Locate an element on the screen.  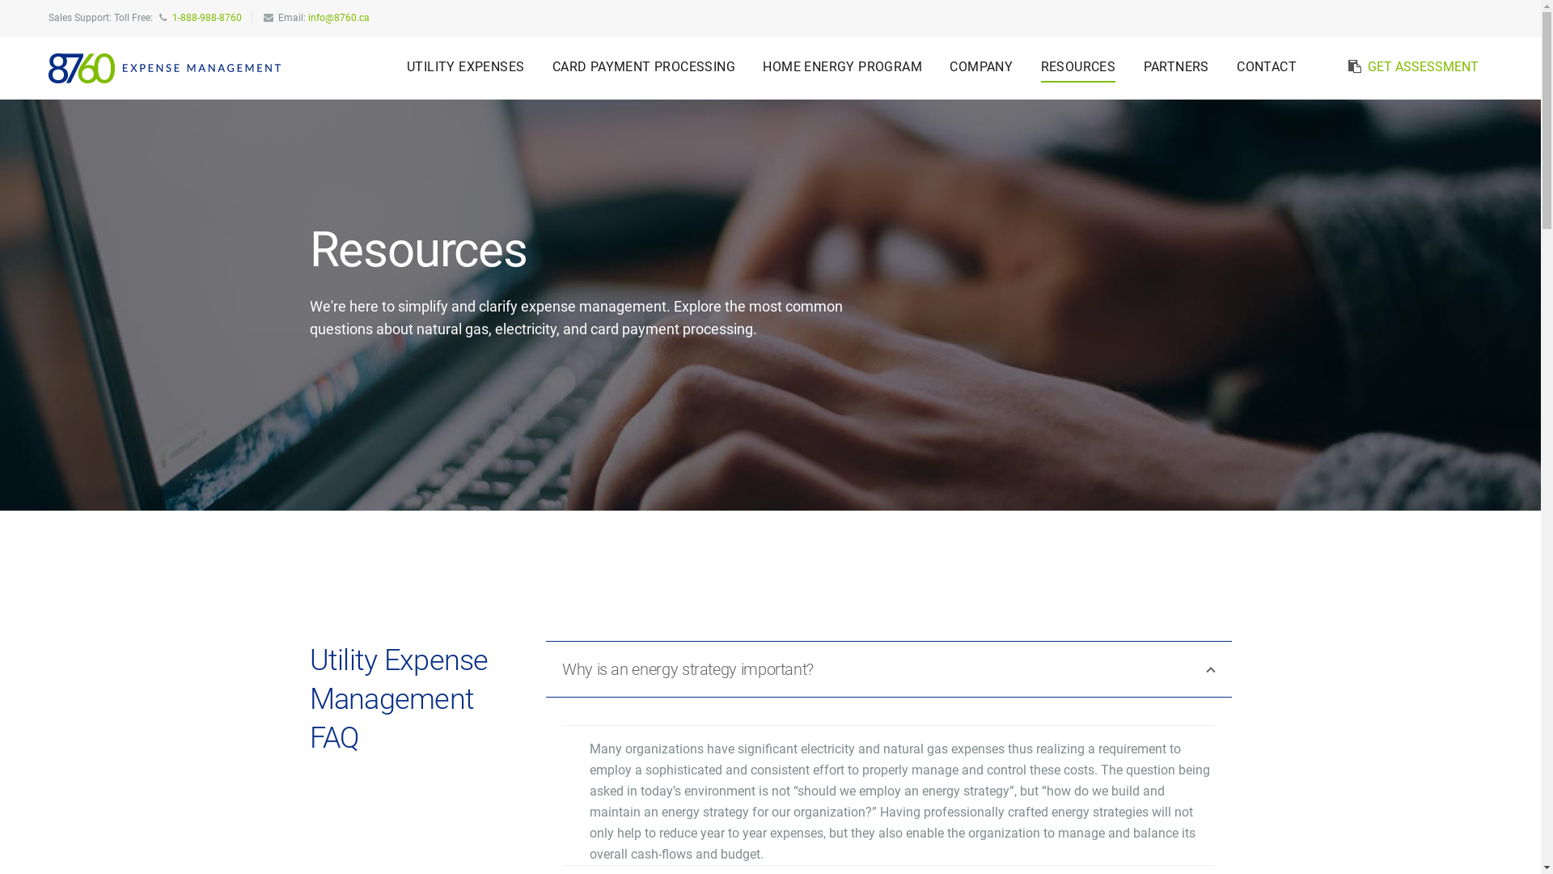
'COMPANY' is located at coordinates (980, 66).